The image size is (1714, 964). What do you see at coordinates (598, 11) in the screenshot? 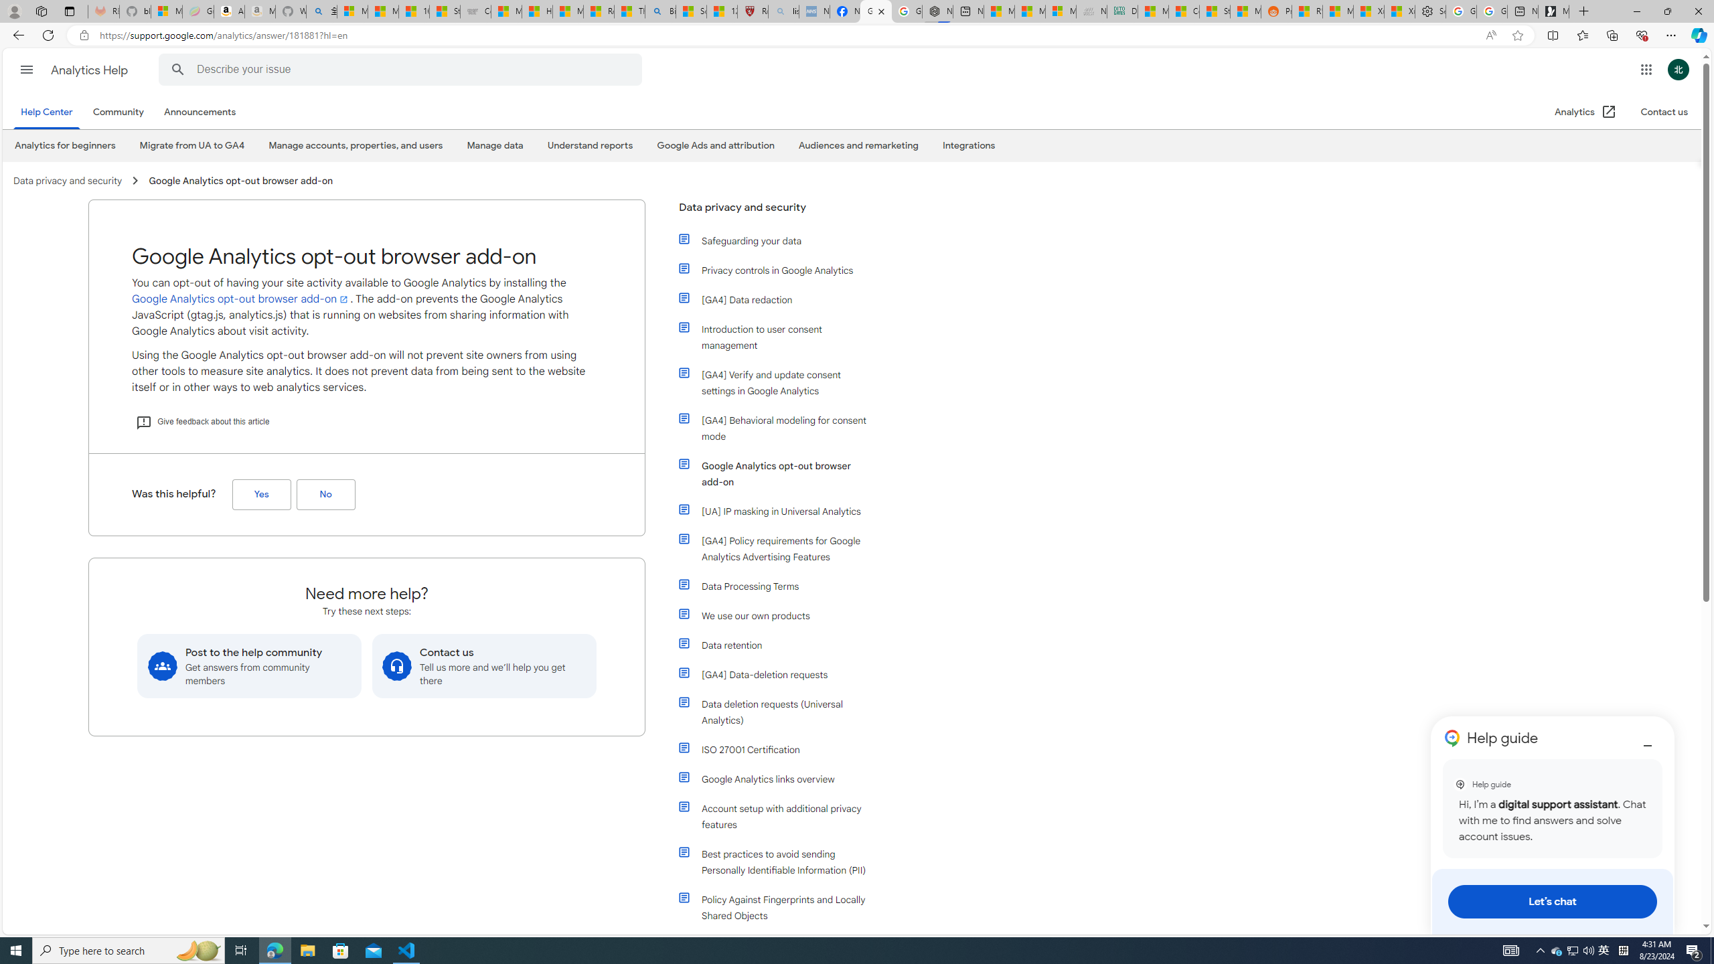
I see `'Recipes - MSN'` at bounding box center [598, 11].